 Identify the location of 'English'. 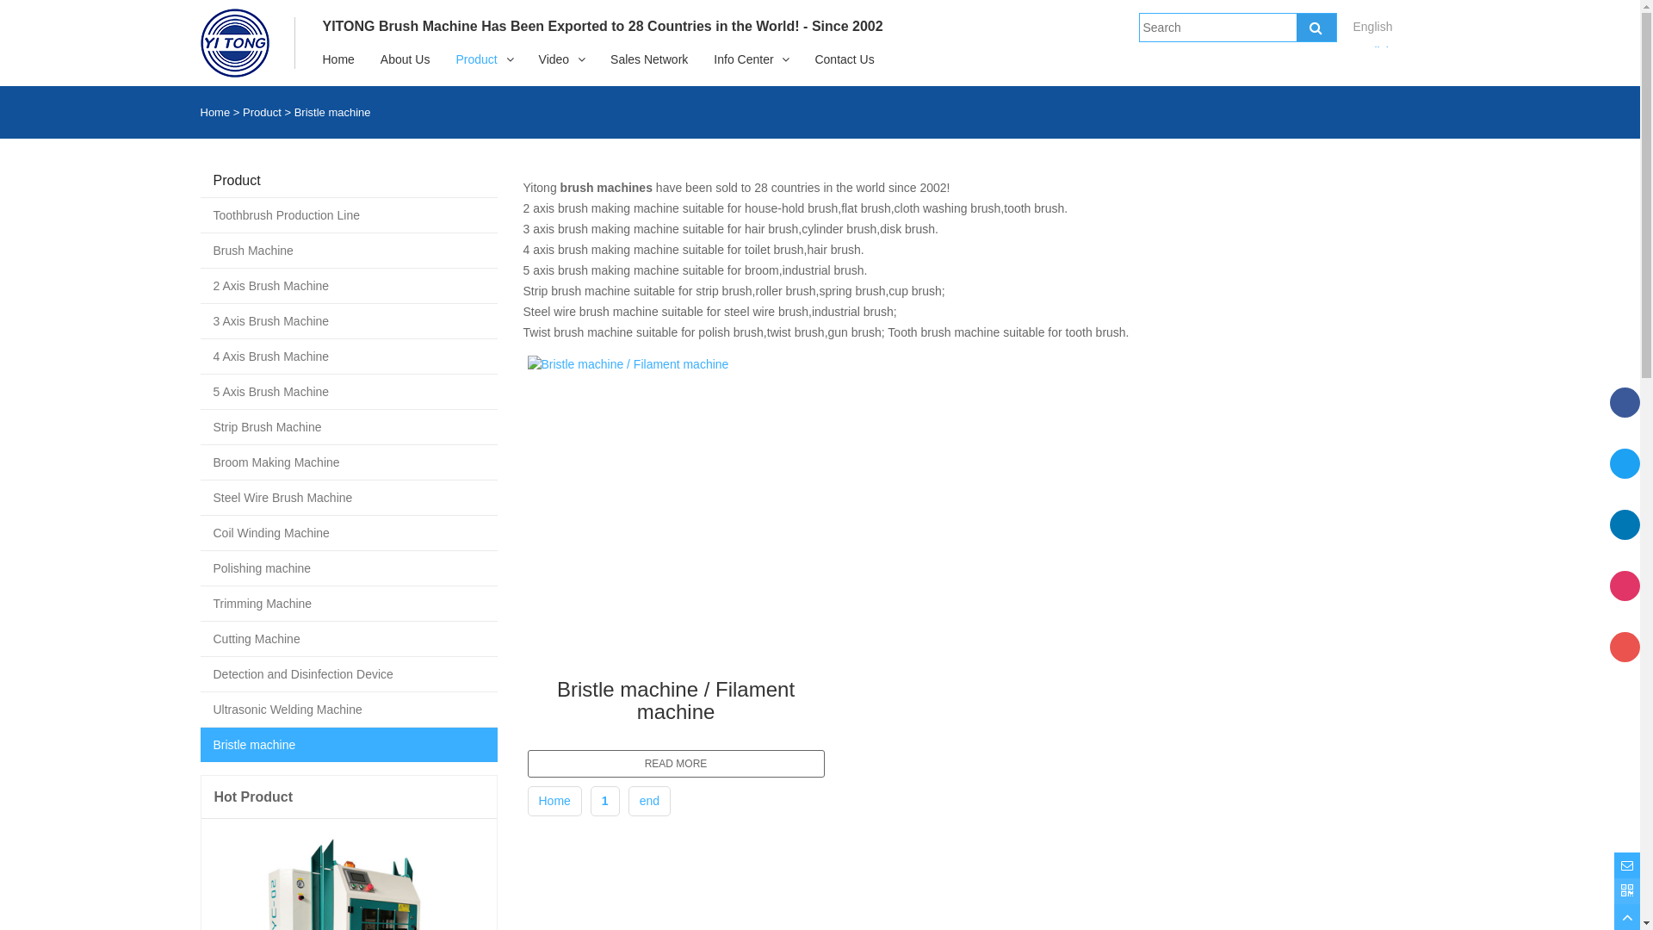
(1371, 51).